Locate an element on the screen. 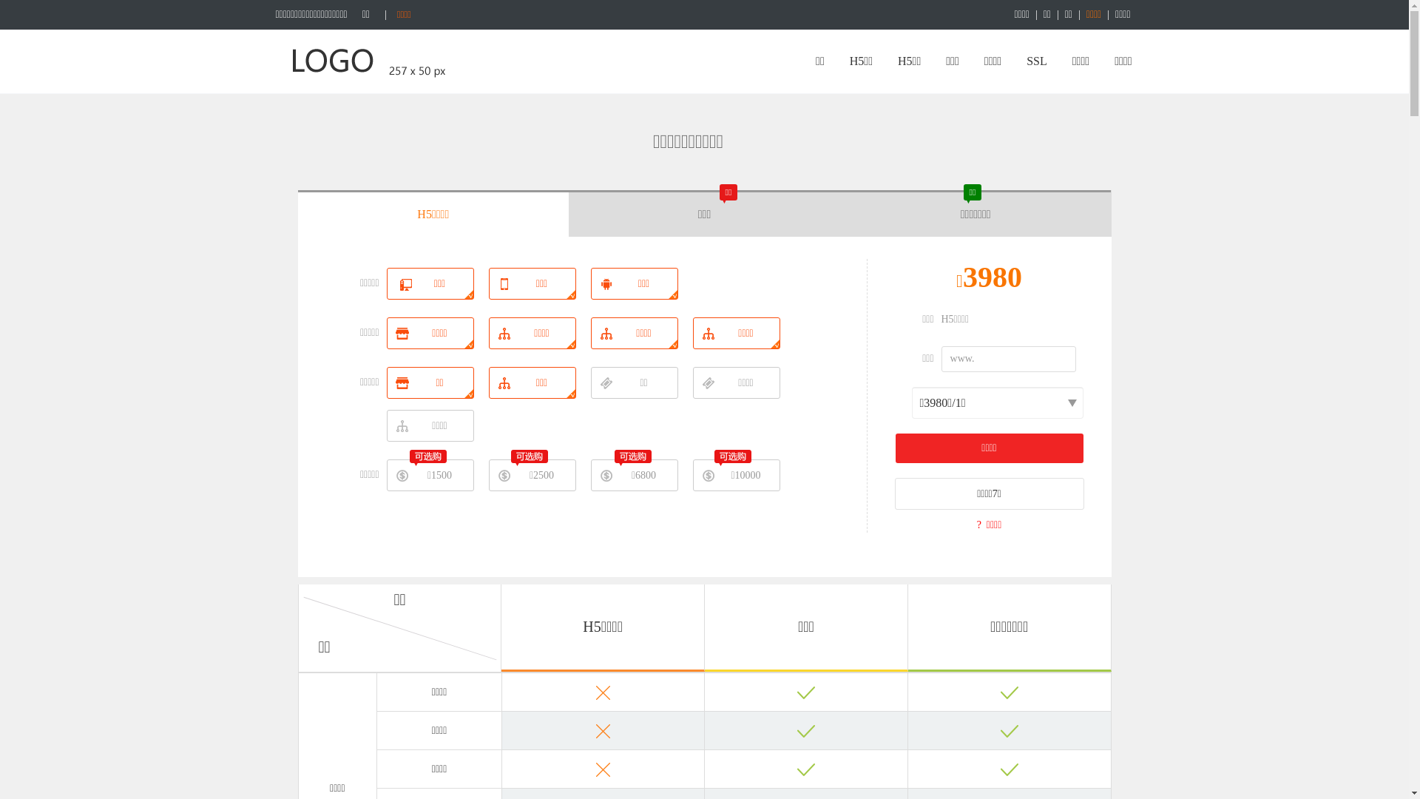 Image resolution: width=1420 pixels, height=799 pixels. 'SSL' is located at coordinates (1025, 61).